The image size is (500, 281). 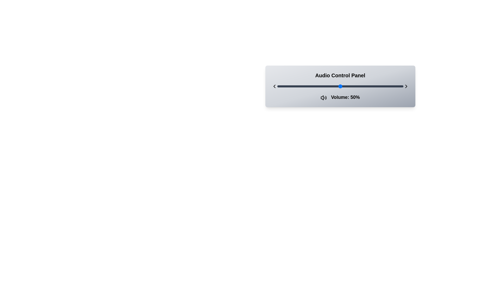 I want to click on the volume level label located at the bottom-center of the Audio Control Panel, which displays the current volume level as a percentage, so click(x=340, y=97).